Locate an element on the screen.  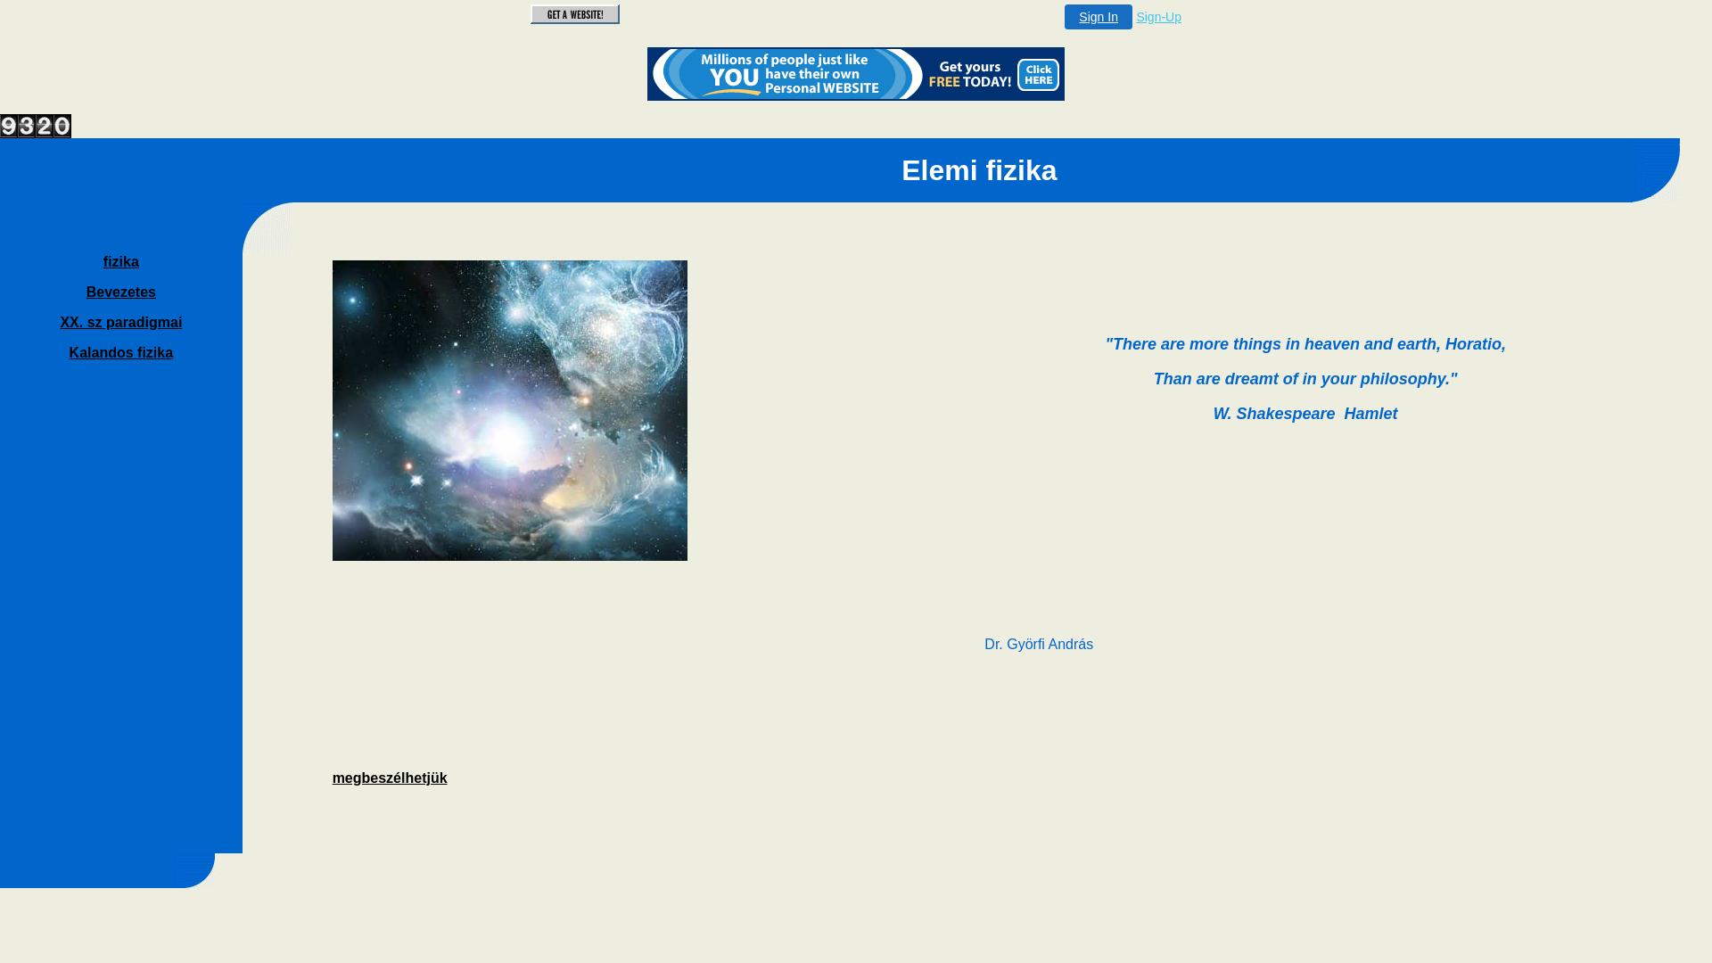
'Bevezetes' is located at coordinates (85, 291).